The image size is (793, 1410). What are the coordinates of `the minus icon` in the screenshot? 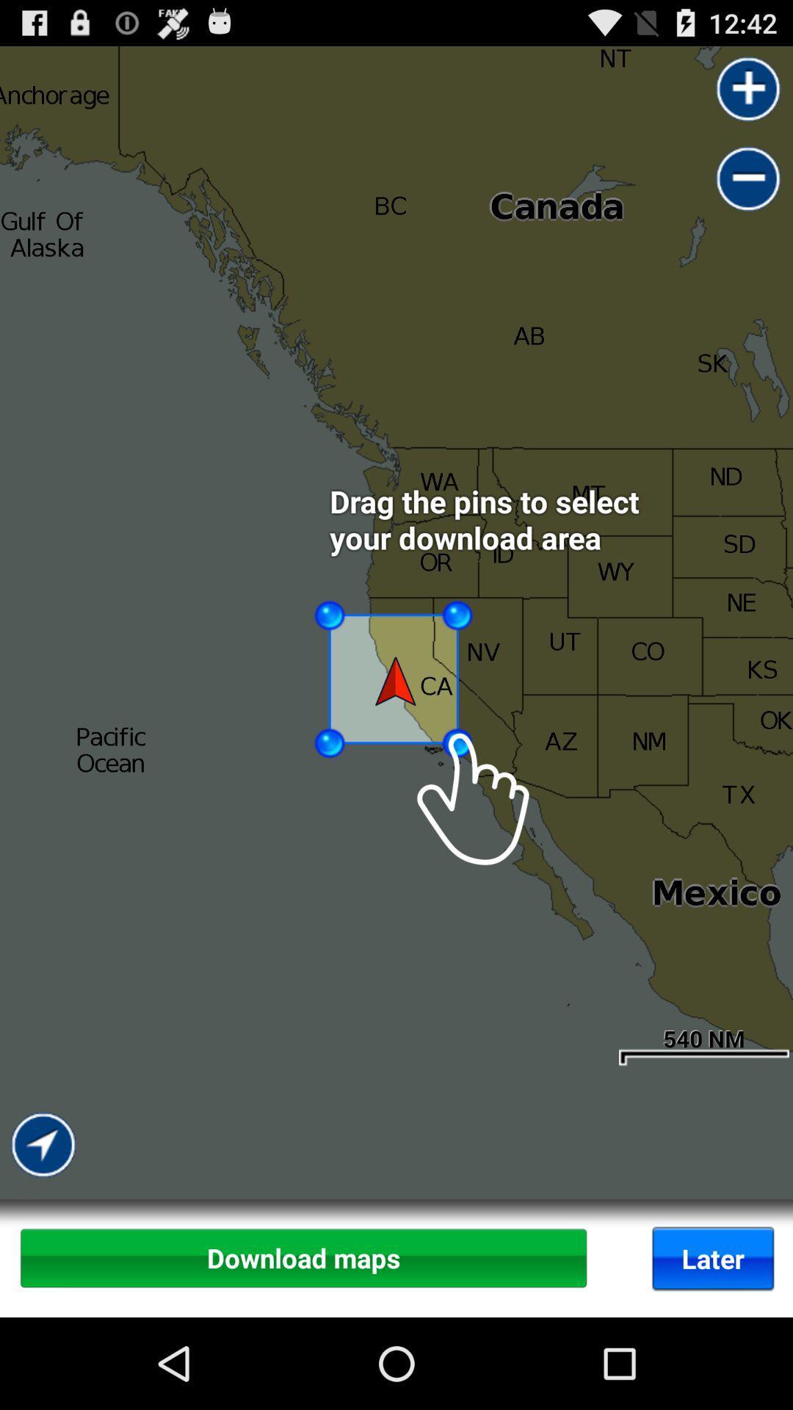 It's located at (748, 191).